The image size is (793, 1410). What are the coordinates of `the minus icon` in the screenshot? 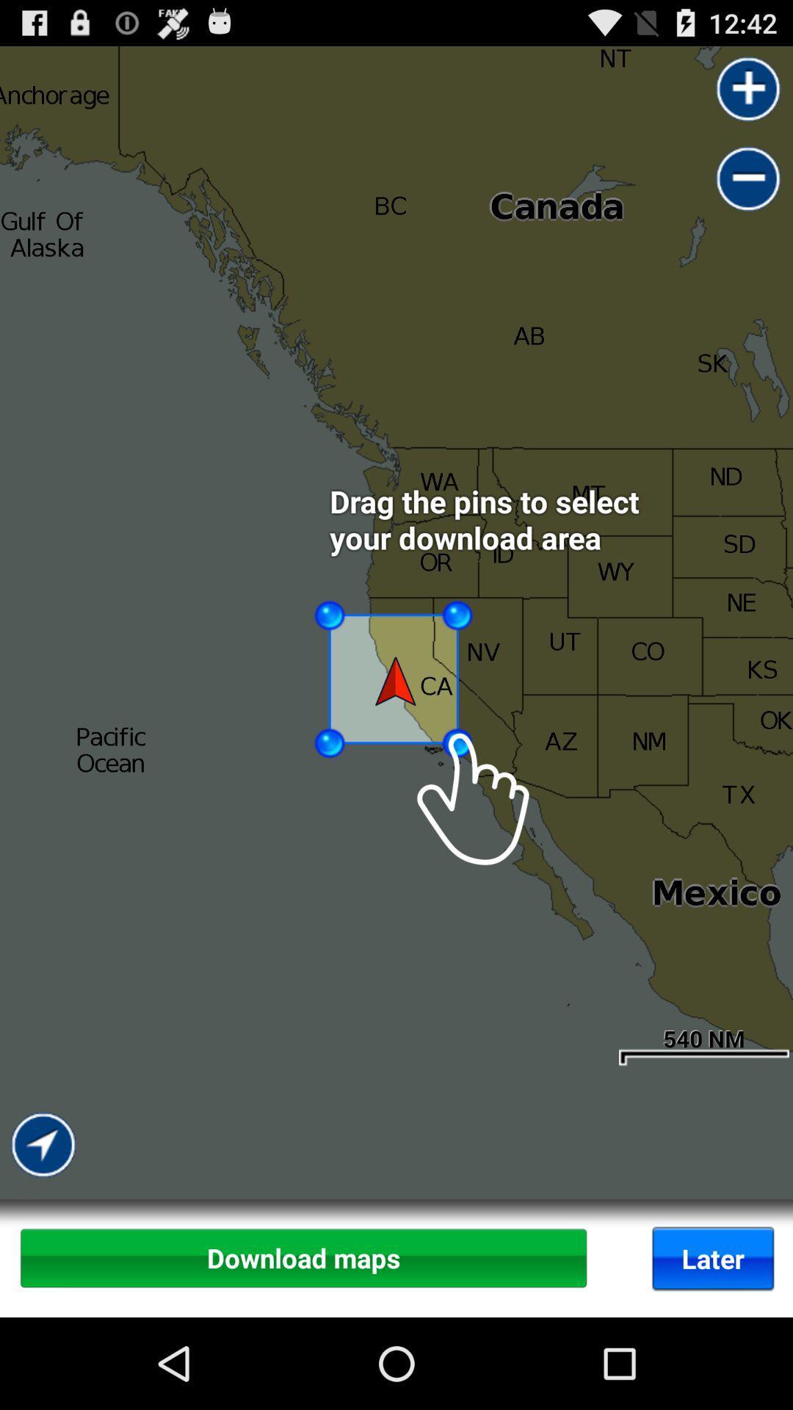 It's located at (748, 191).